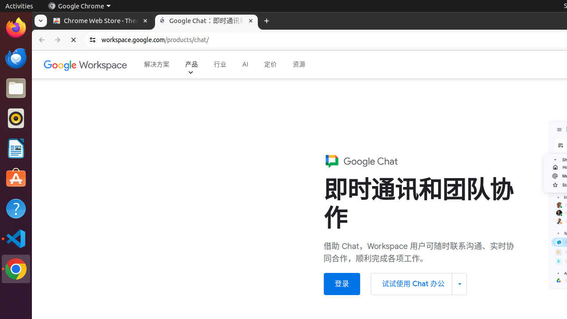 This screenshot has width=567, height=319. What do you see at coordinates (74, 40) in the screenshot?
I see `'Reload'` at bounding box center [74, 40].